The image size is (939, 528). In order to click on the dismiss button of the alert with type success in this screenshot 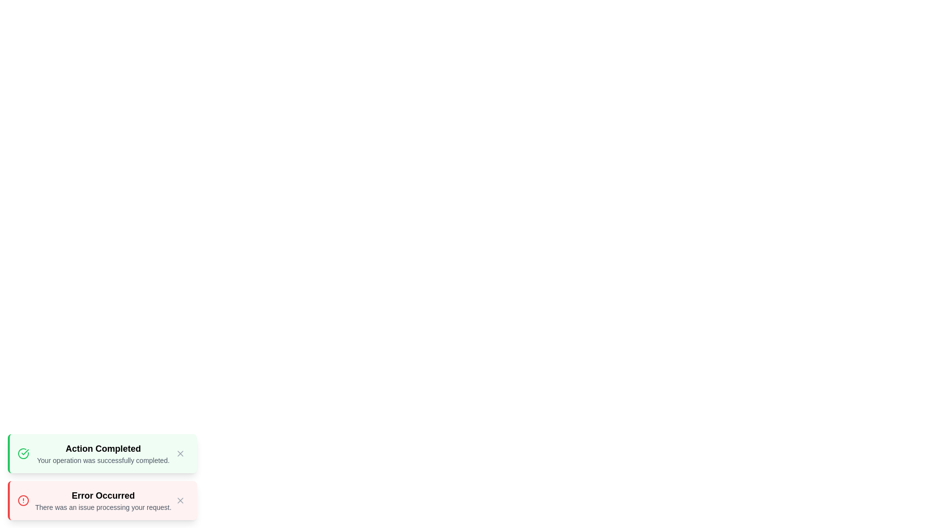, I will do `click(180, 454)`.